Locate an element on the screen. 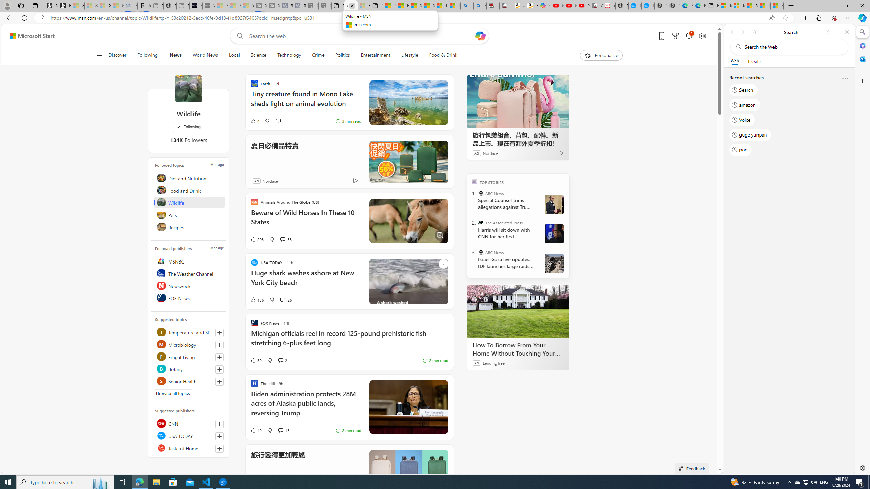  'Follow this topic' is located at coordinates (219, 381).